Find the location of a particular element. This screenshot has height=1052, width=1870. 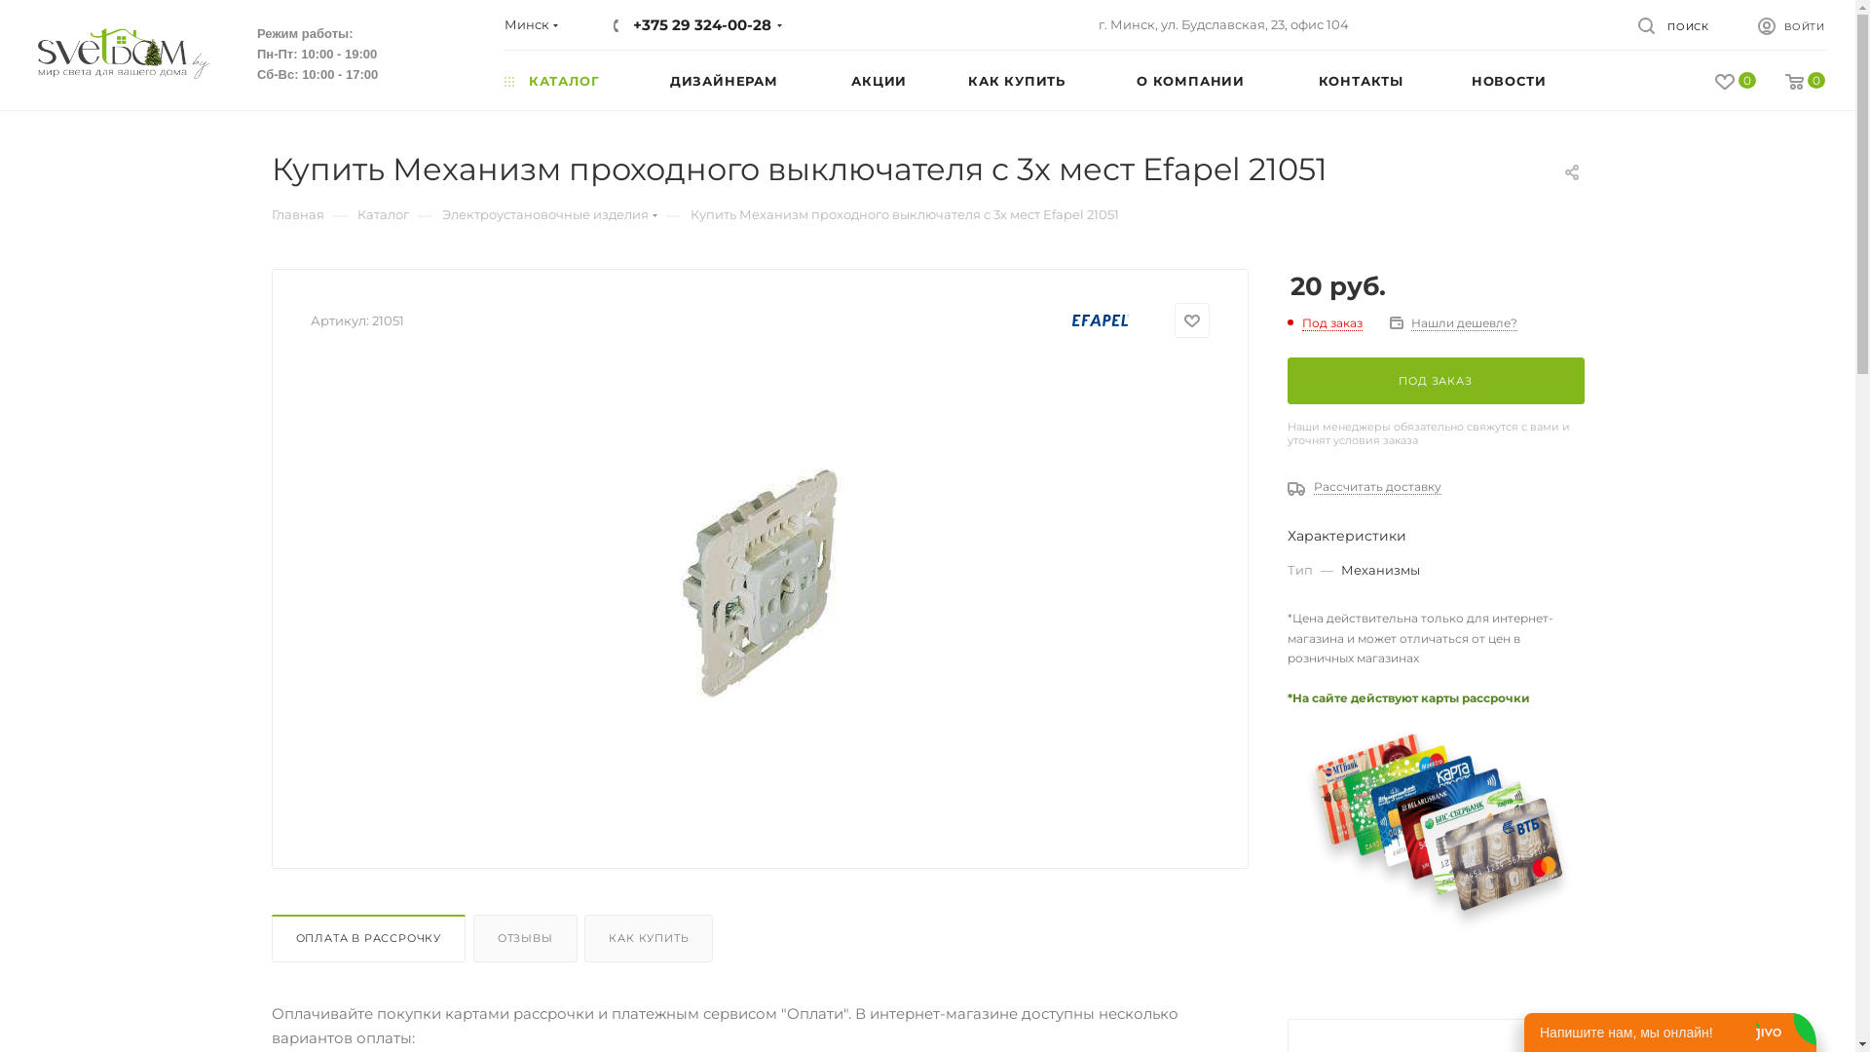

'Efapel' is located at coordinates (1100, 319).